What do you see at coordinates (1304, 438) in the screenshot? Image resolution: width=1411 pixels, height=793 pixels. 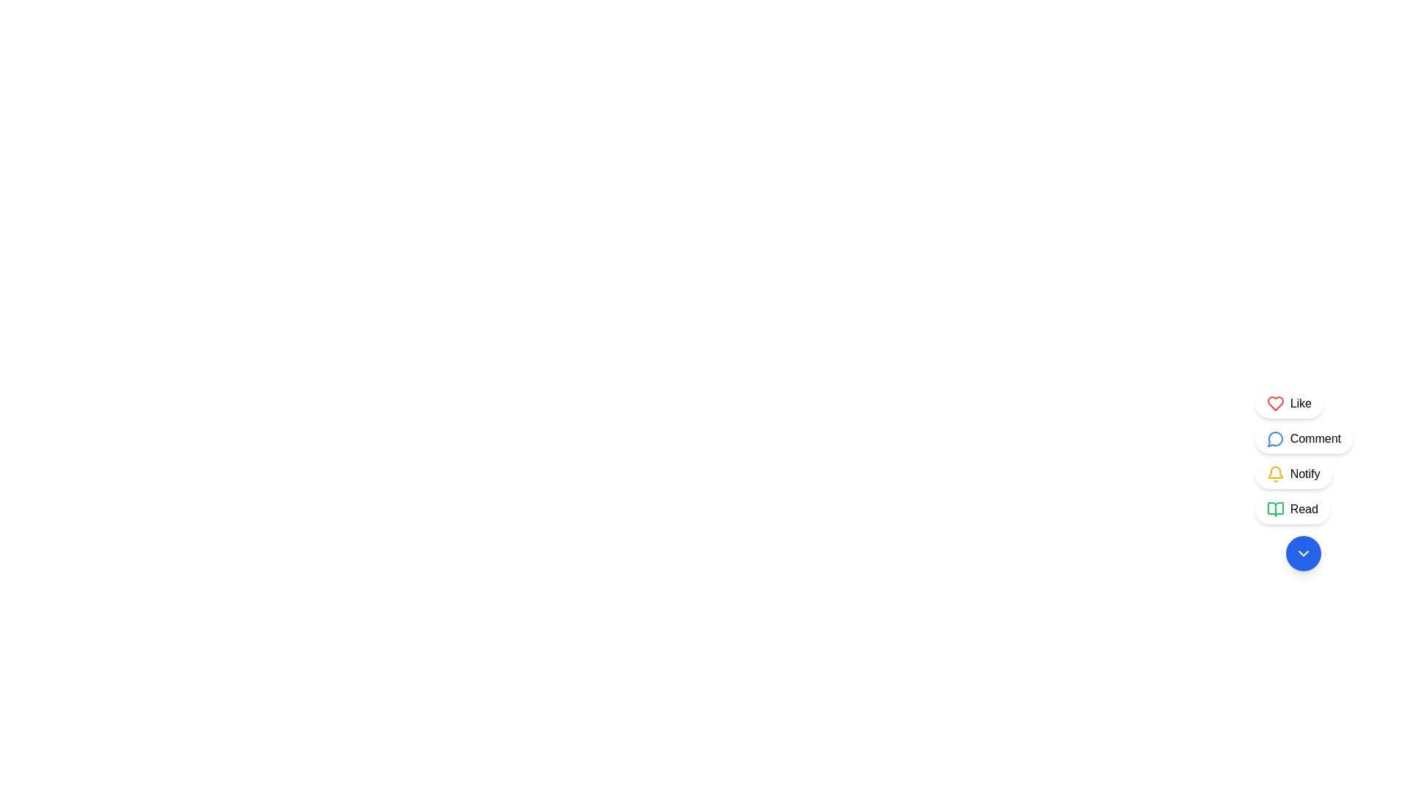 I see `the 'Comment' button, which features a white background, rounded corners, and a blue speech bubble icon with the text 'Comment'` at bounding box center [1304, 438].